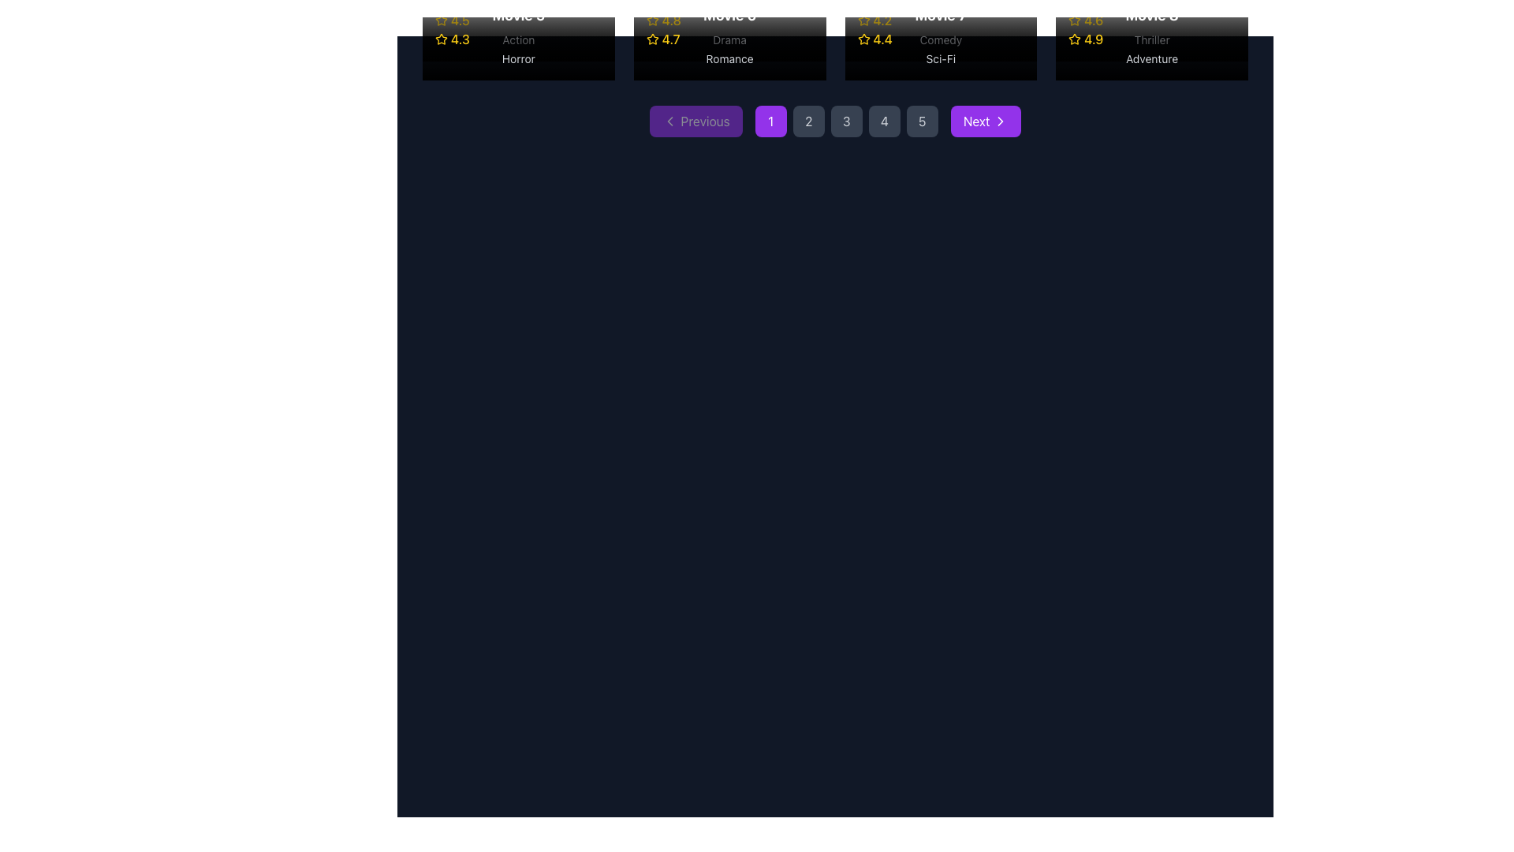  I want to click on the static text element displaying the rating '4.4' in bold yellow font, located to the right of the yellow star icon in the fourth movie card, so click(882, 39).